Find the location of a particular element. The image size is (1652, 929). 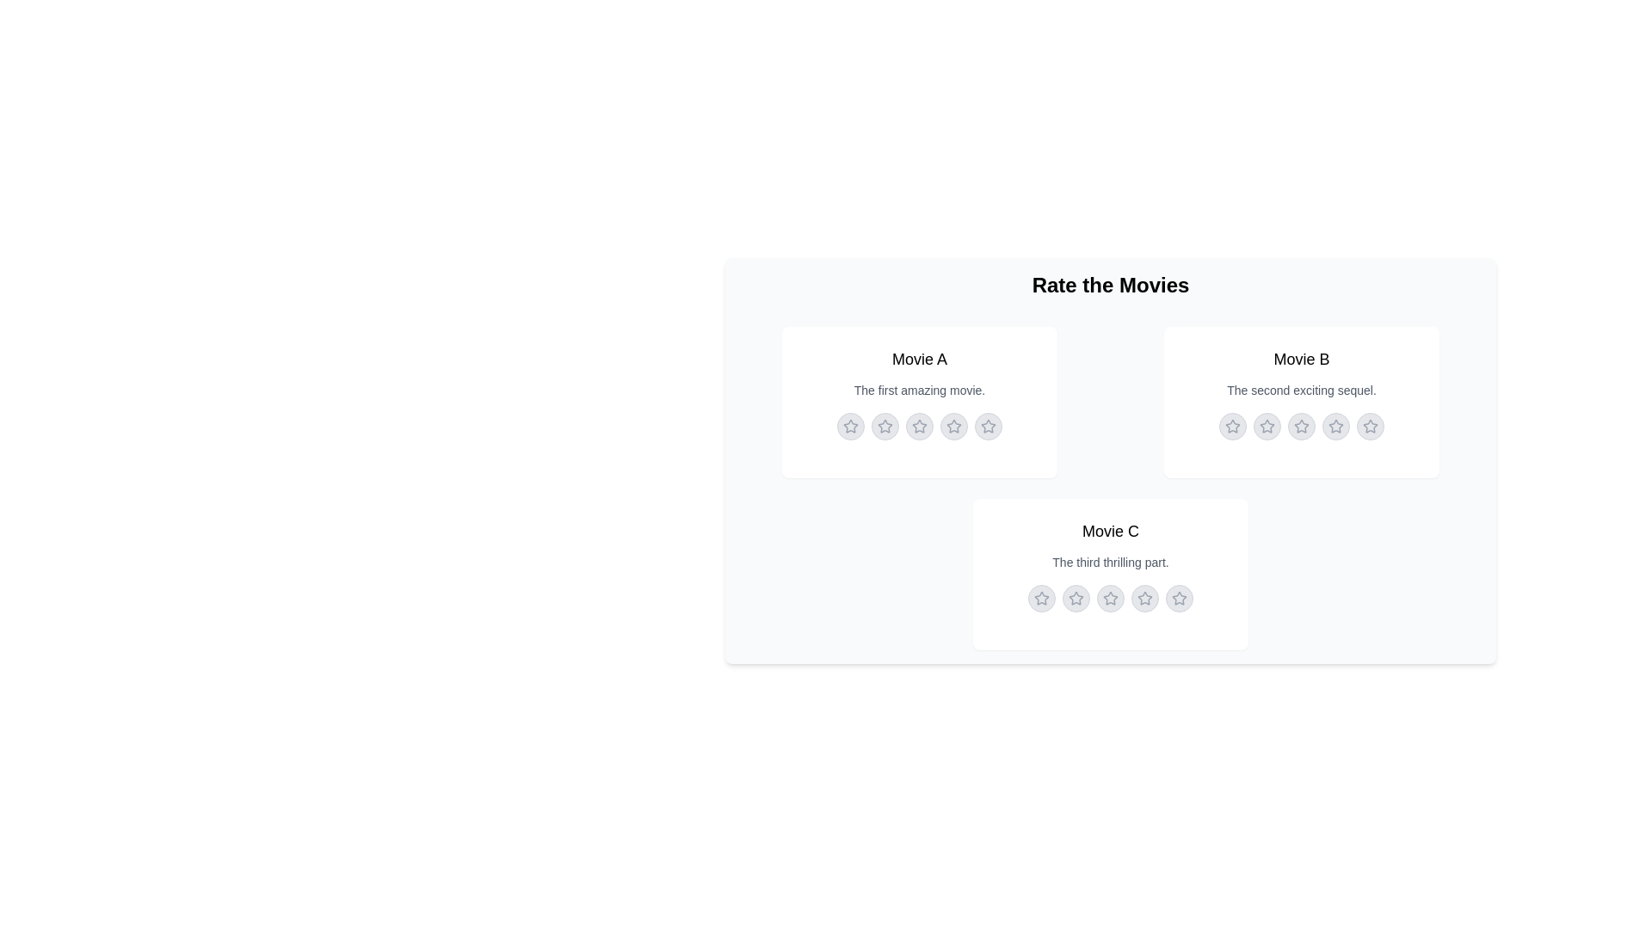

the fourth rating star SVG icon for 'Movie B', which is part of the star-based rating system is located at coordinates (1335, 426).